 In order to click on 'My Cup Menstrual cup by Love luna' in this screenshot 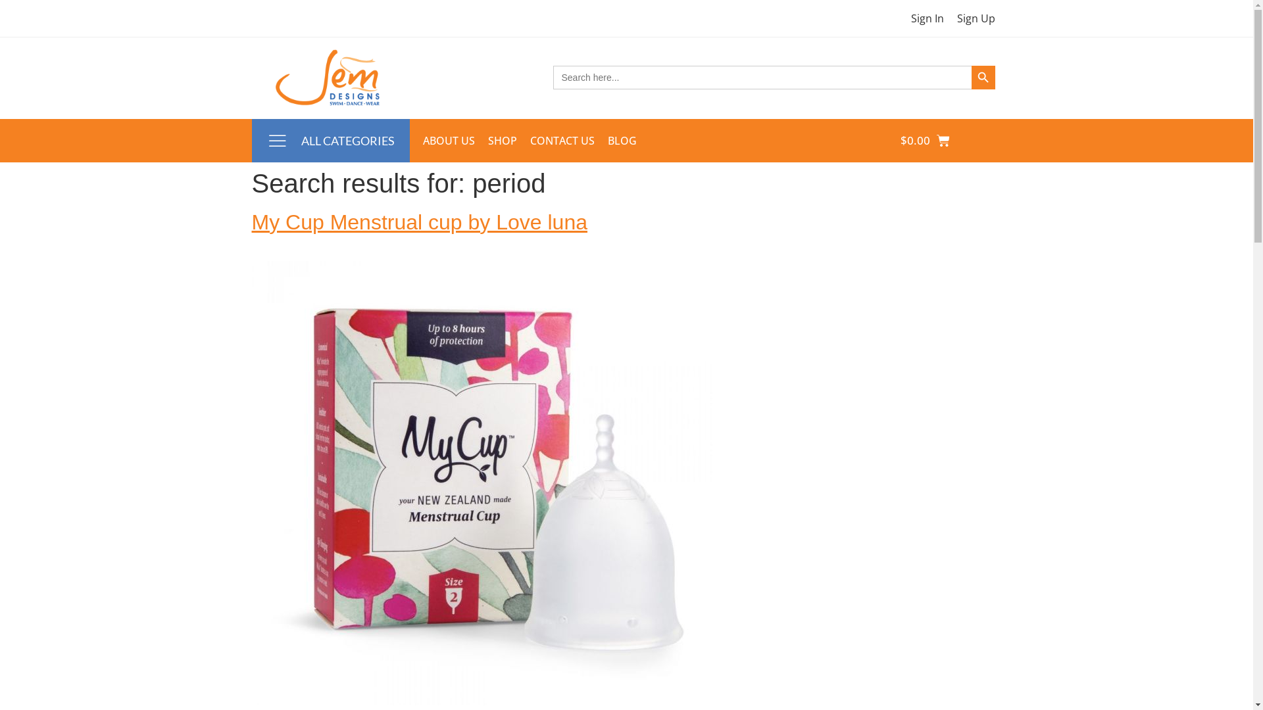, I will do `click(418, 222)`.